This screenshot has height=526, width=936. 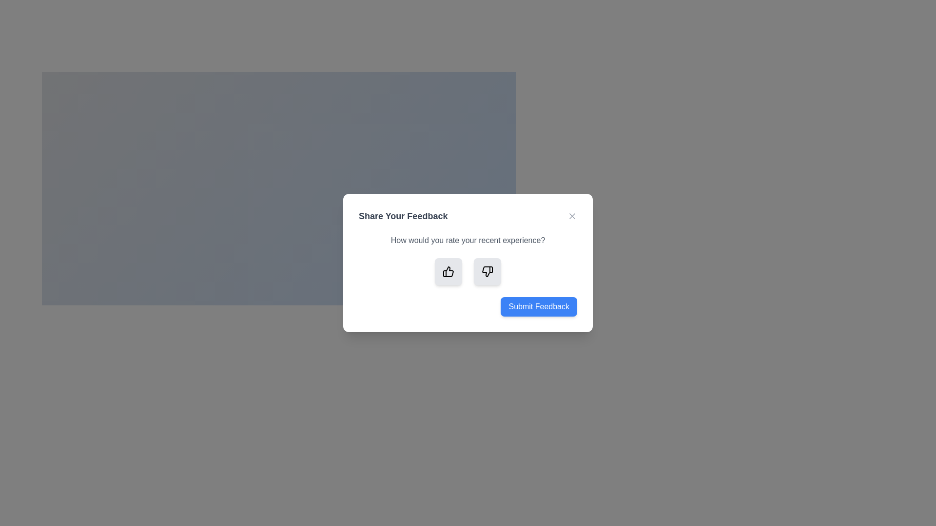 I want to click on the positive feedback icon located in the button on the left side of the two feedback options under the text prompt 'How would you rate your recent experience?', so click(x=448, y=272).